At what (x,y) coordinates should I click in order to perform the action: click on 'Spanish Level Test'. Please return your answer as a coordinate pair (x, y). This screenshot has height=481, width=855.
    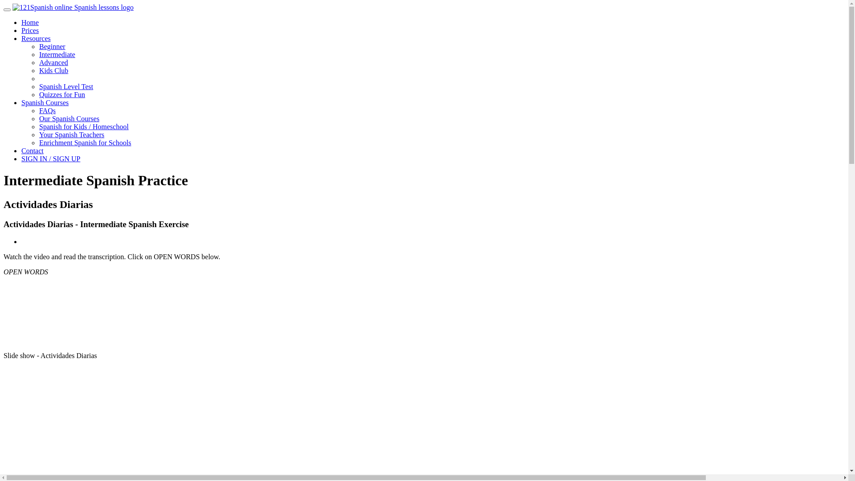
    Looking at the image, I should click on (65, 86).